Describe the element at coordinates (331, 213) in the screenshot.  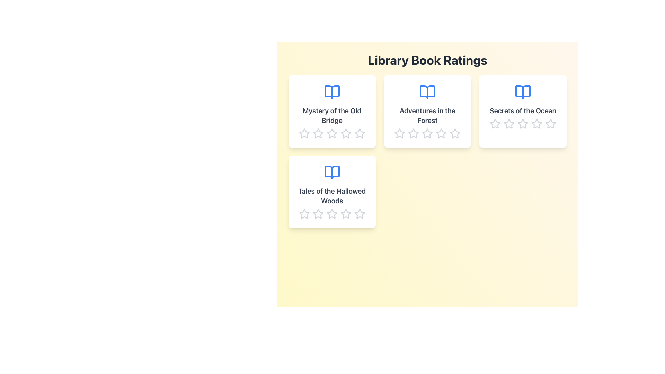
I see `the second star from the left in the rating section of the card labeled 'Tales of the Hallowed Woods'` at that location.